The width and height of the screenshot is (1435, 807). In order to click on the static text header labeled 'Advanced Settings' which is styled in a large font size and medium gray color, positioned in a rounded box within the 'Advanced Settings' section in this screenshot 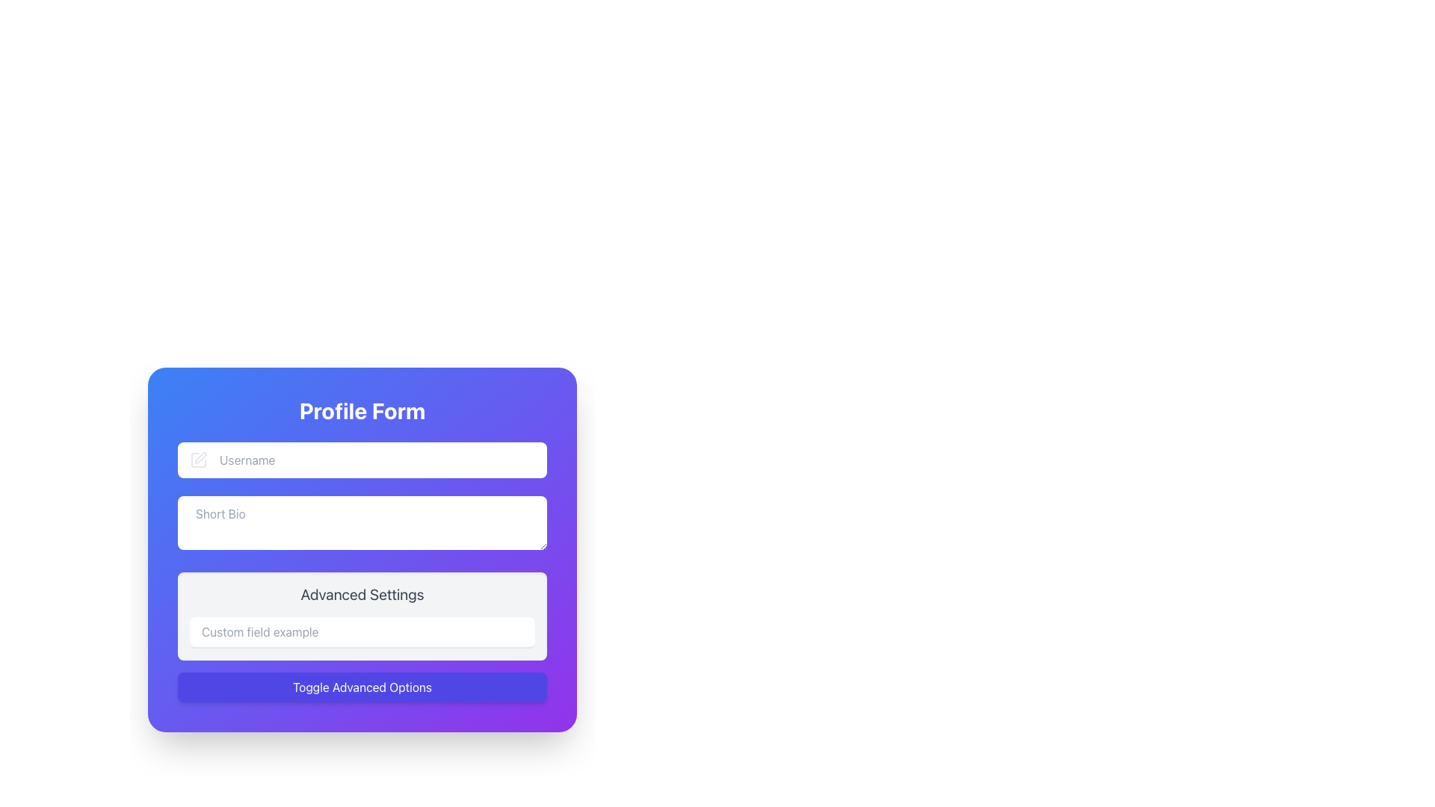, I will do `click(362, 593)`.